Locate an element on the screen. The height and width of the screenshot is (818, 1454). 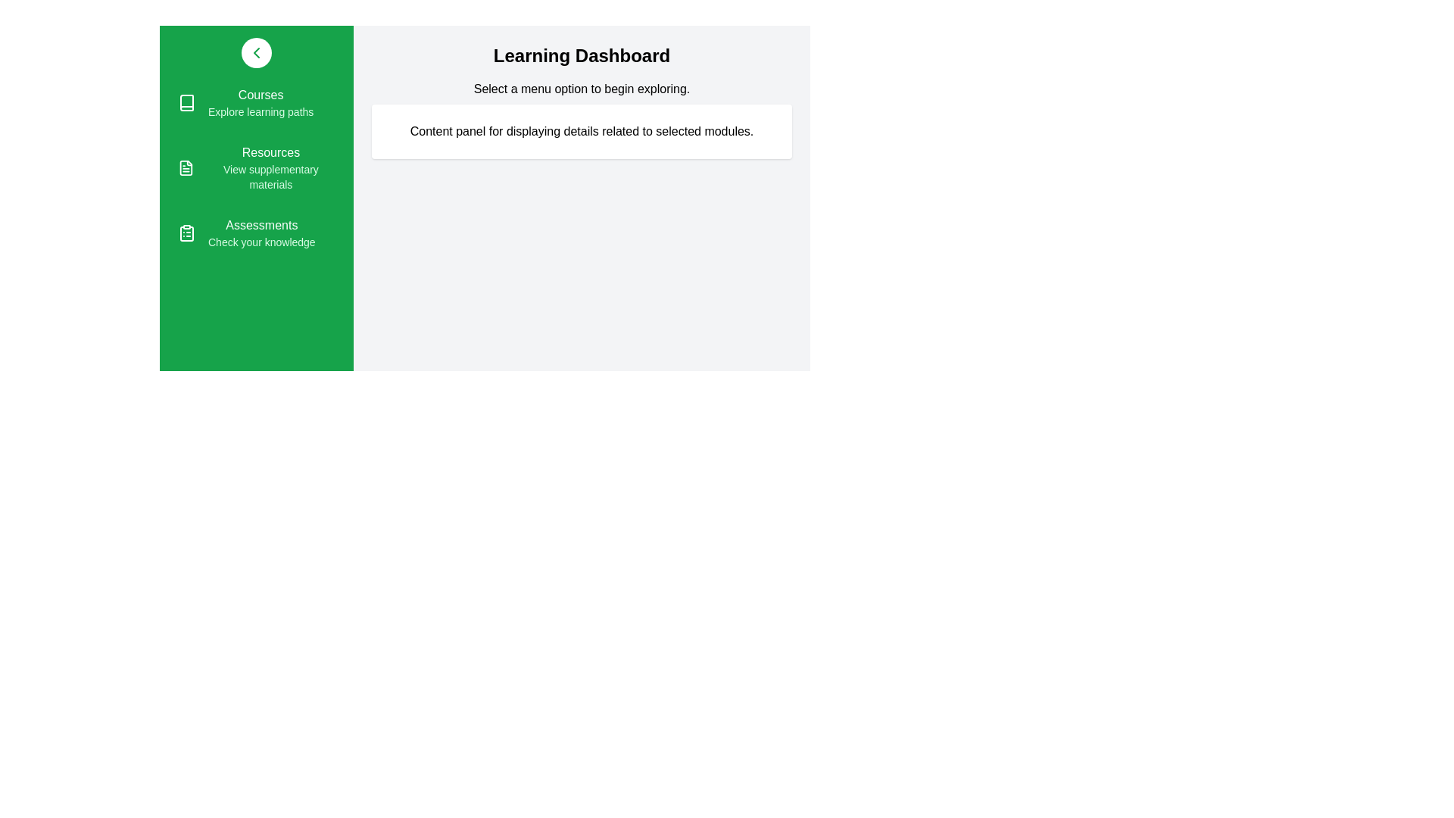
the menu item Assessments from the sidebar is located at coordinates (257, 233).